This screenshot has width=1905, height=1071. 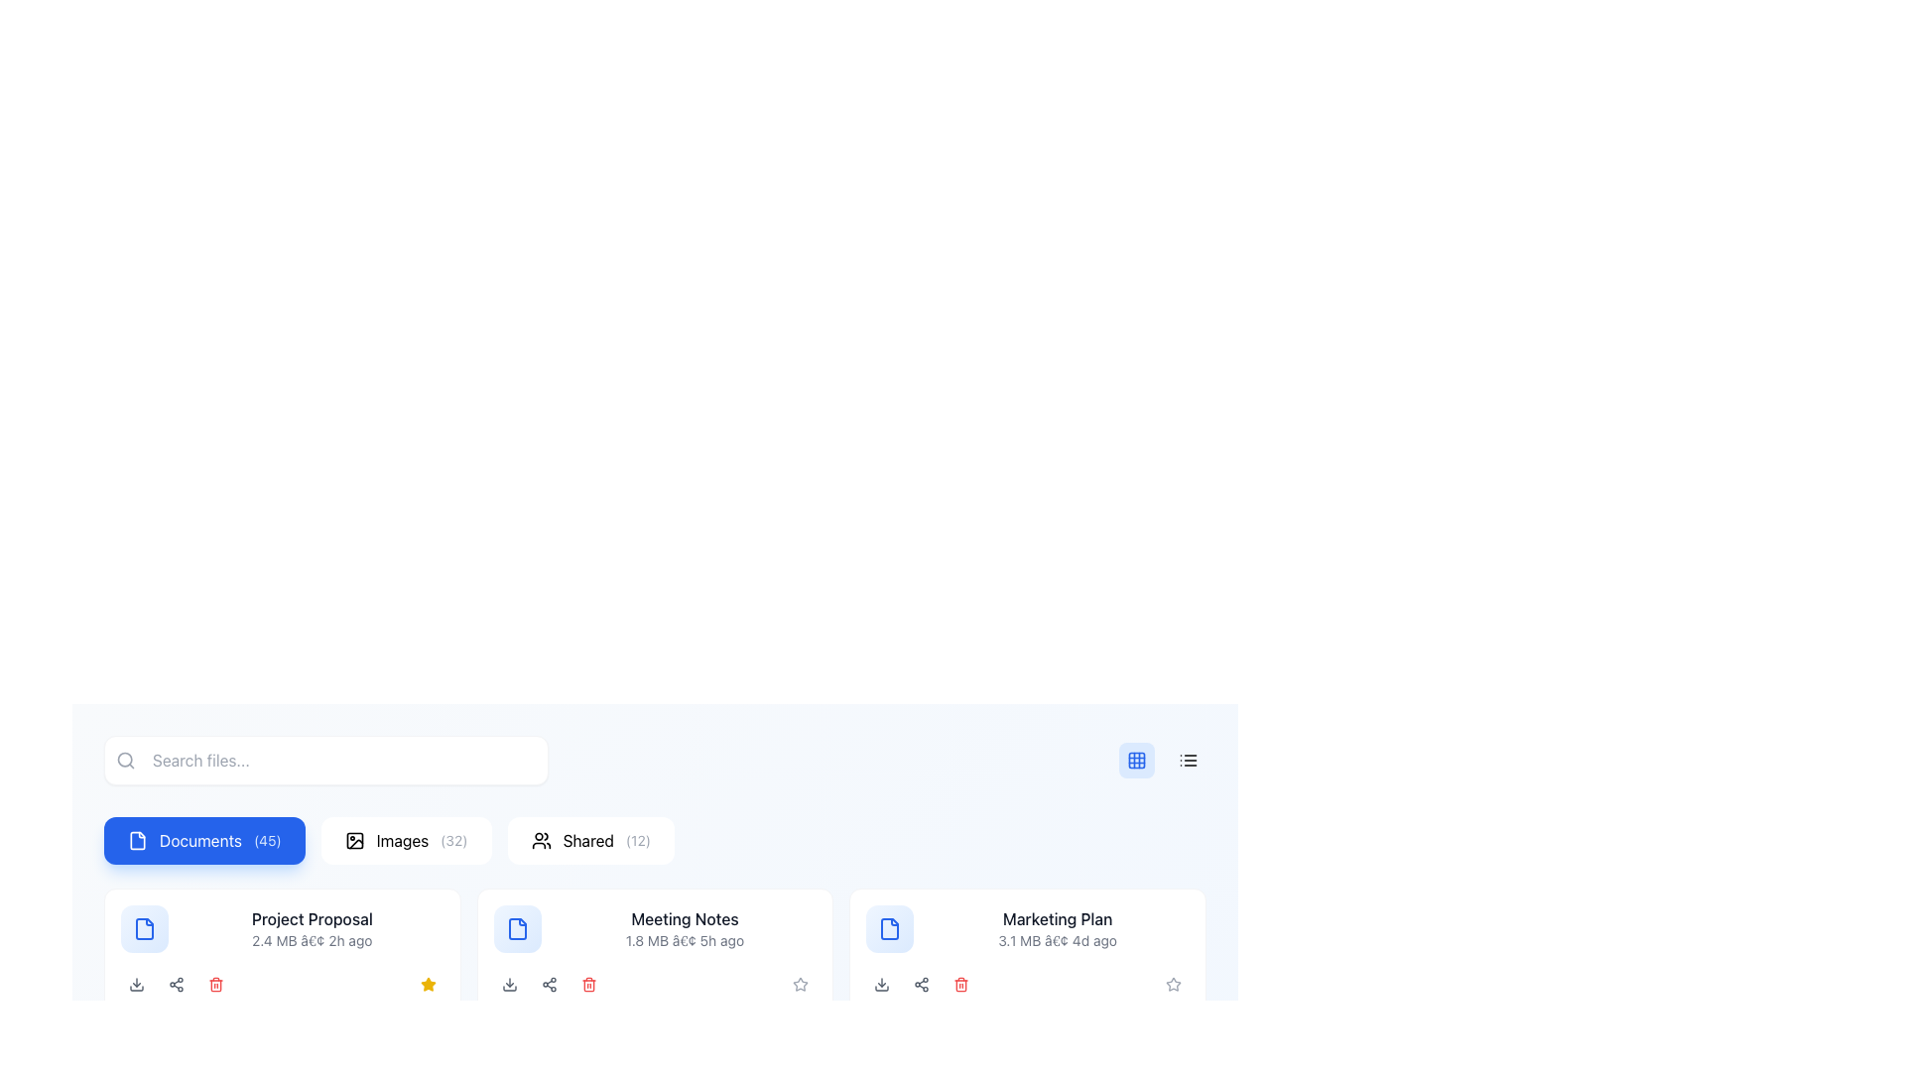 I want to click on on the star icon located at the bottom of the 'Marketing Plan' file card, so click(x=1173, y=984).